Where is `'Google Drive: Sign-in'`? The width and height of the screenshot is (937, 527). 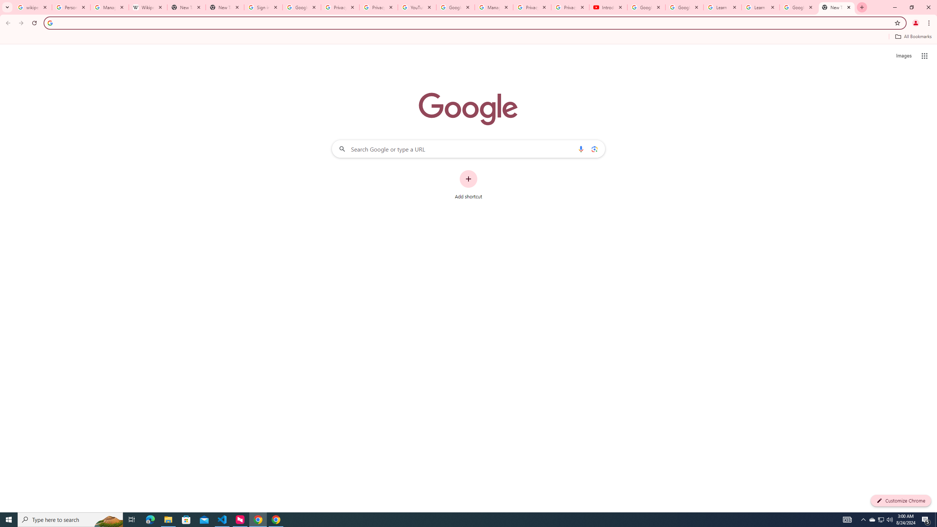 'Google Drive: Sign-in' is located at coordinates (301, 7).